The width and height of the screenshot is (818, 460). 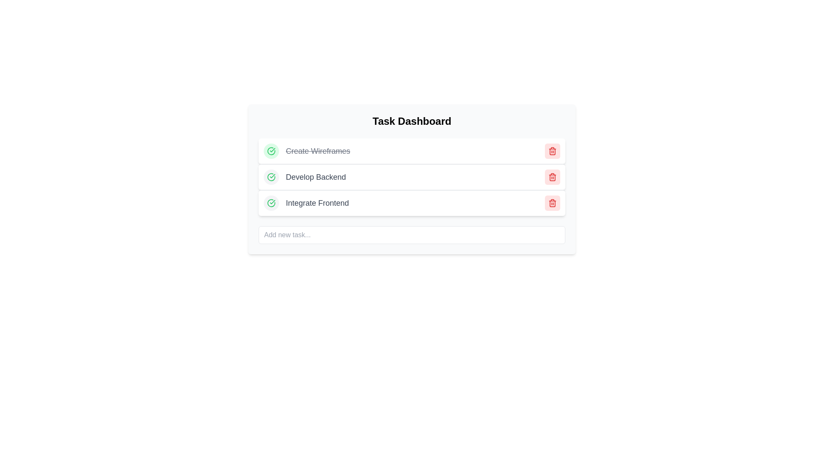 I want to click on the red trash can button located at the far right end of the row labeled 'Develop Backend' to initiate a delete action, so click(x=552, y=177).